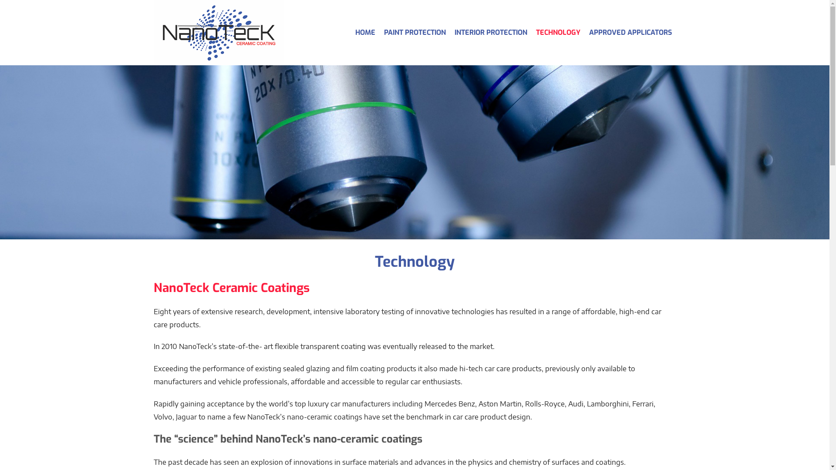  Describe the element at coordinates (530, 32) in the screenshot. I see `'TECHNOLOGY'` at that location.